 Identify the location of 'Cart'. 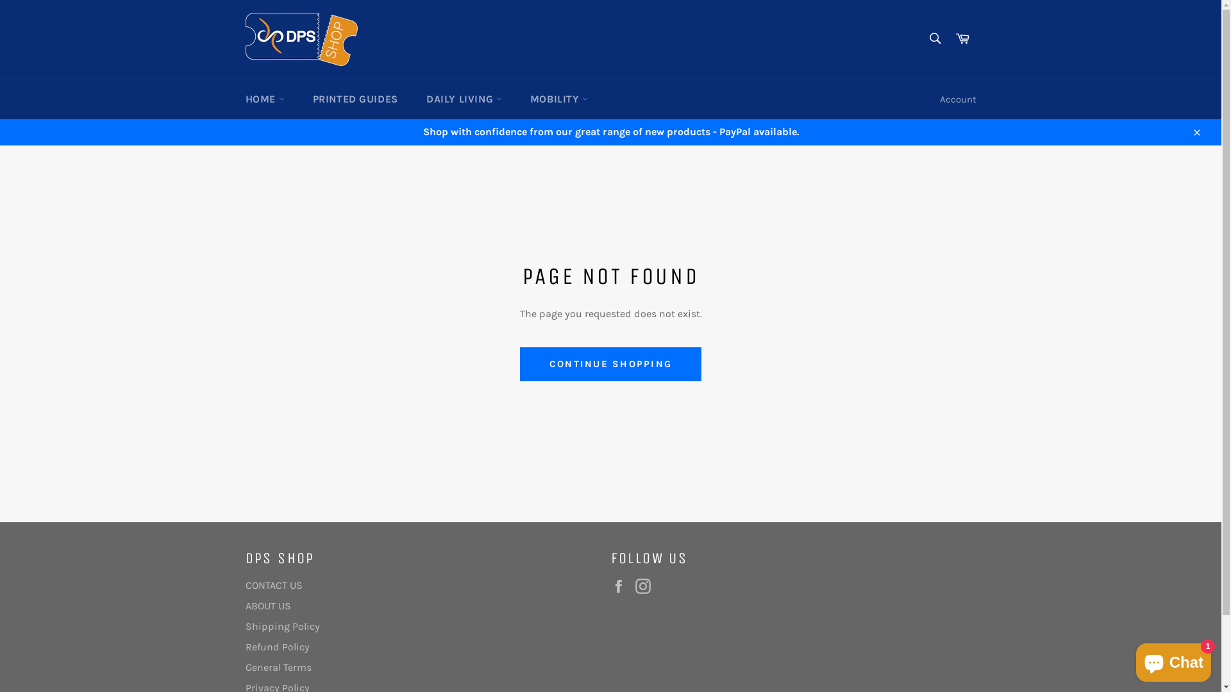
(962, 38).